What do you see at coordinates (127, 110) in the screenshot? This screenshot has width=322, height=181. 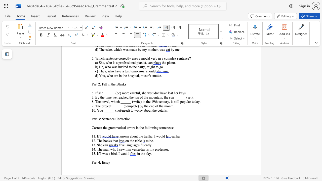 I see `the space between the continuous character "e" and "d" in the text` at bounding box center [127, 110].